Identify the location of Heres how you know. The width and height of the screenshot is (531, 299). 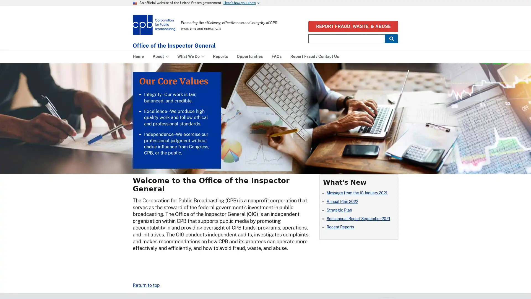
(241, 3).